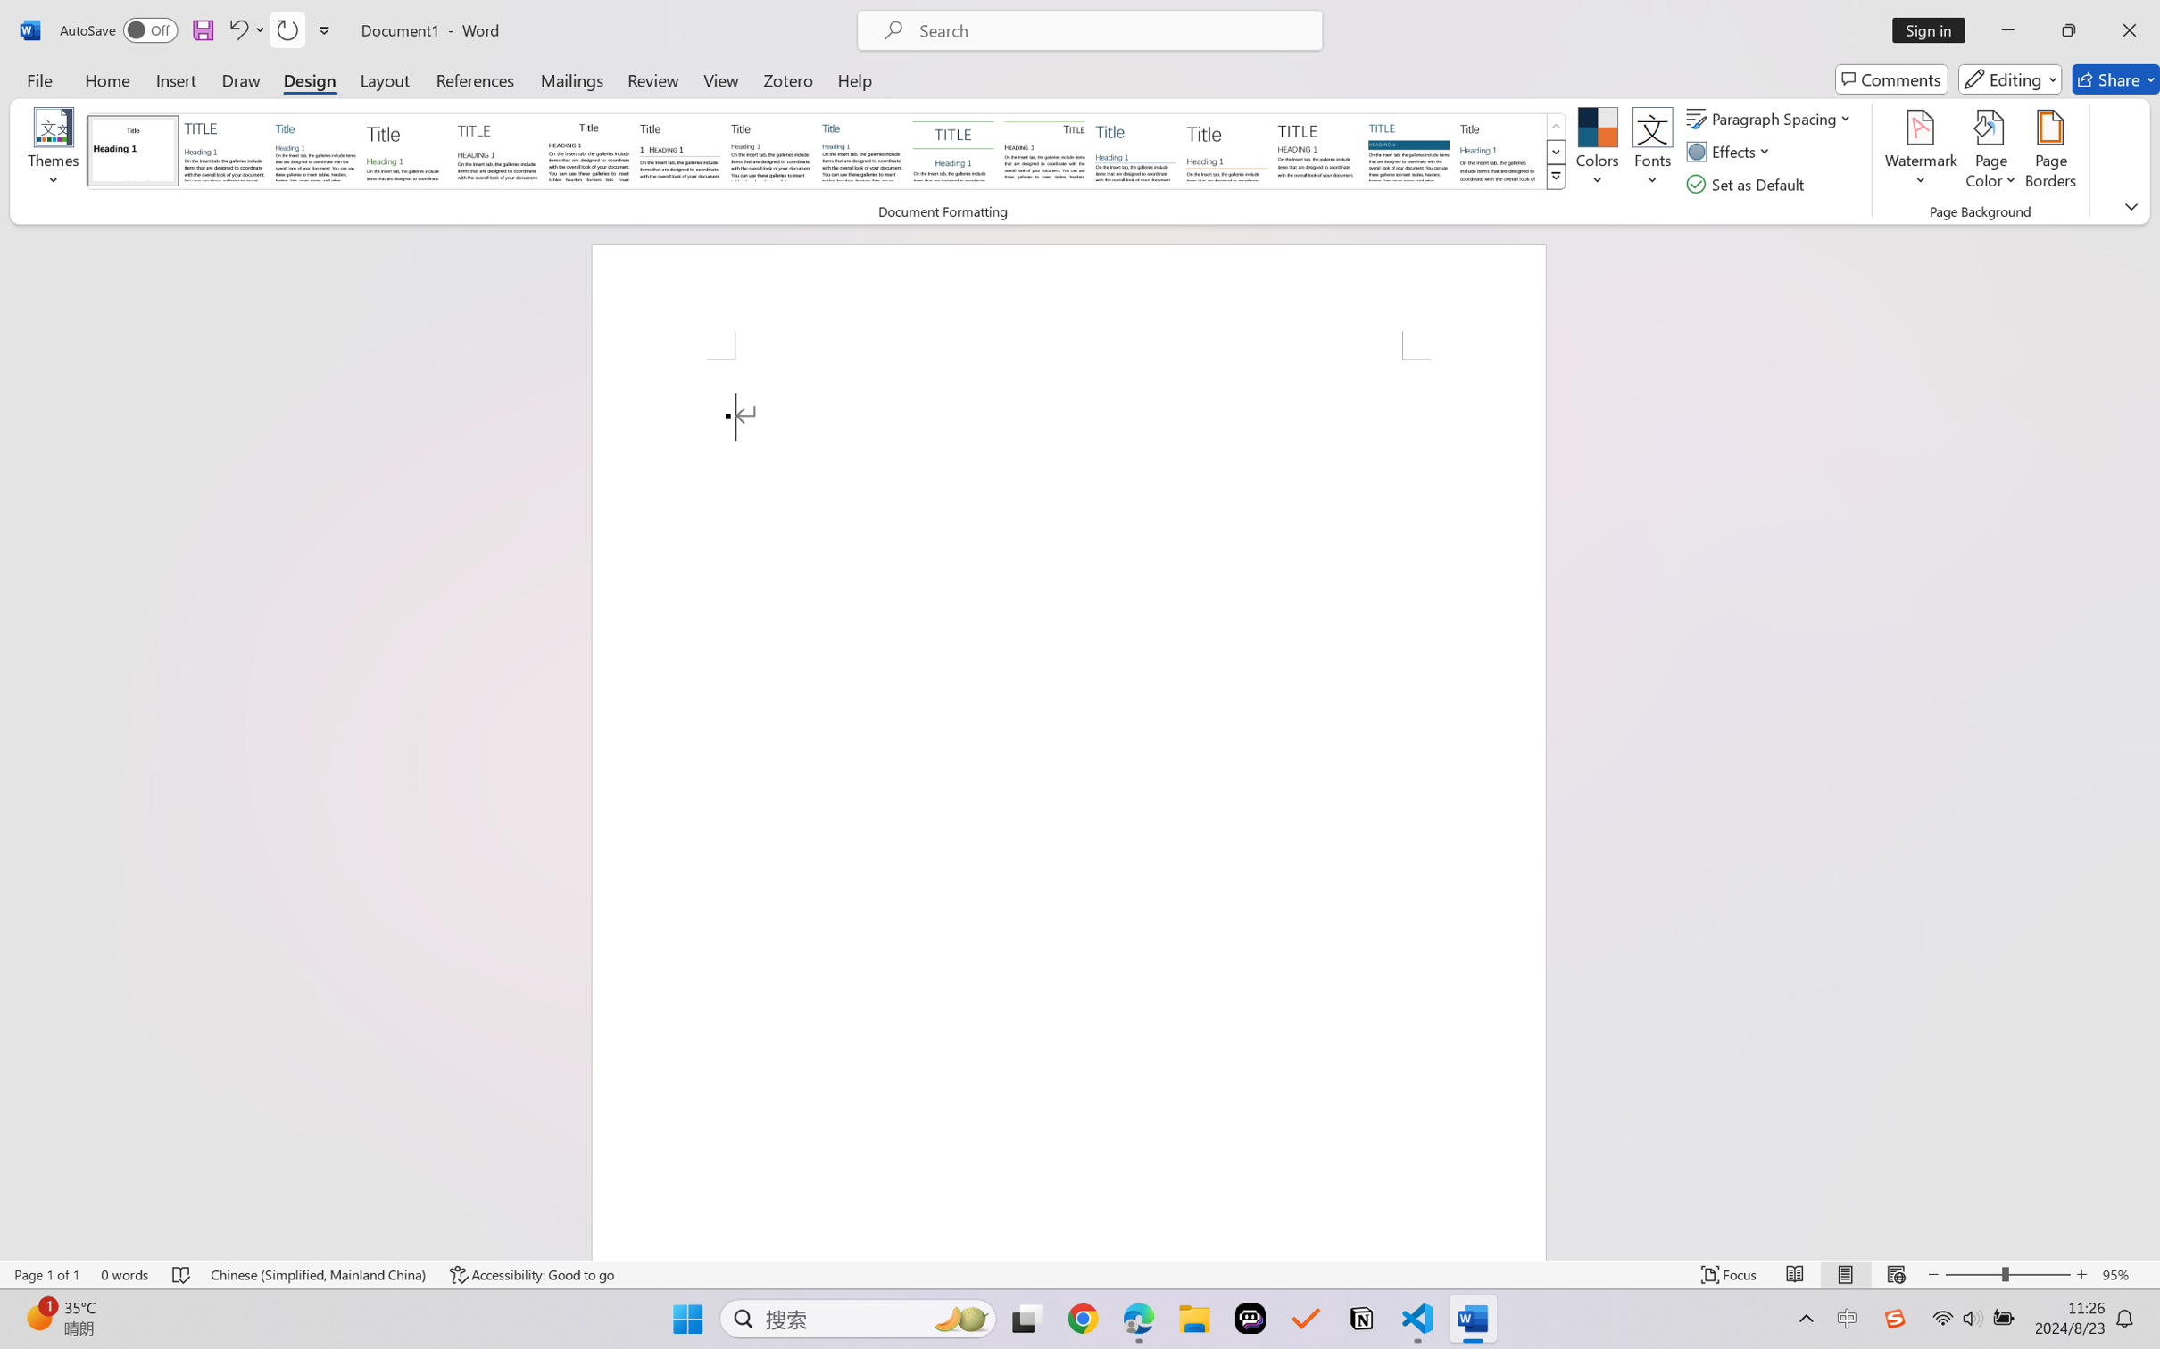  What do you see at coordinates (318, 1274) in the screenshot?
I see `'Language Chinese (Simplified, Mainland China)'` at bounding box center [318, 1274].